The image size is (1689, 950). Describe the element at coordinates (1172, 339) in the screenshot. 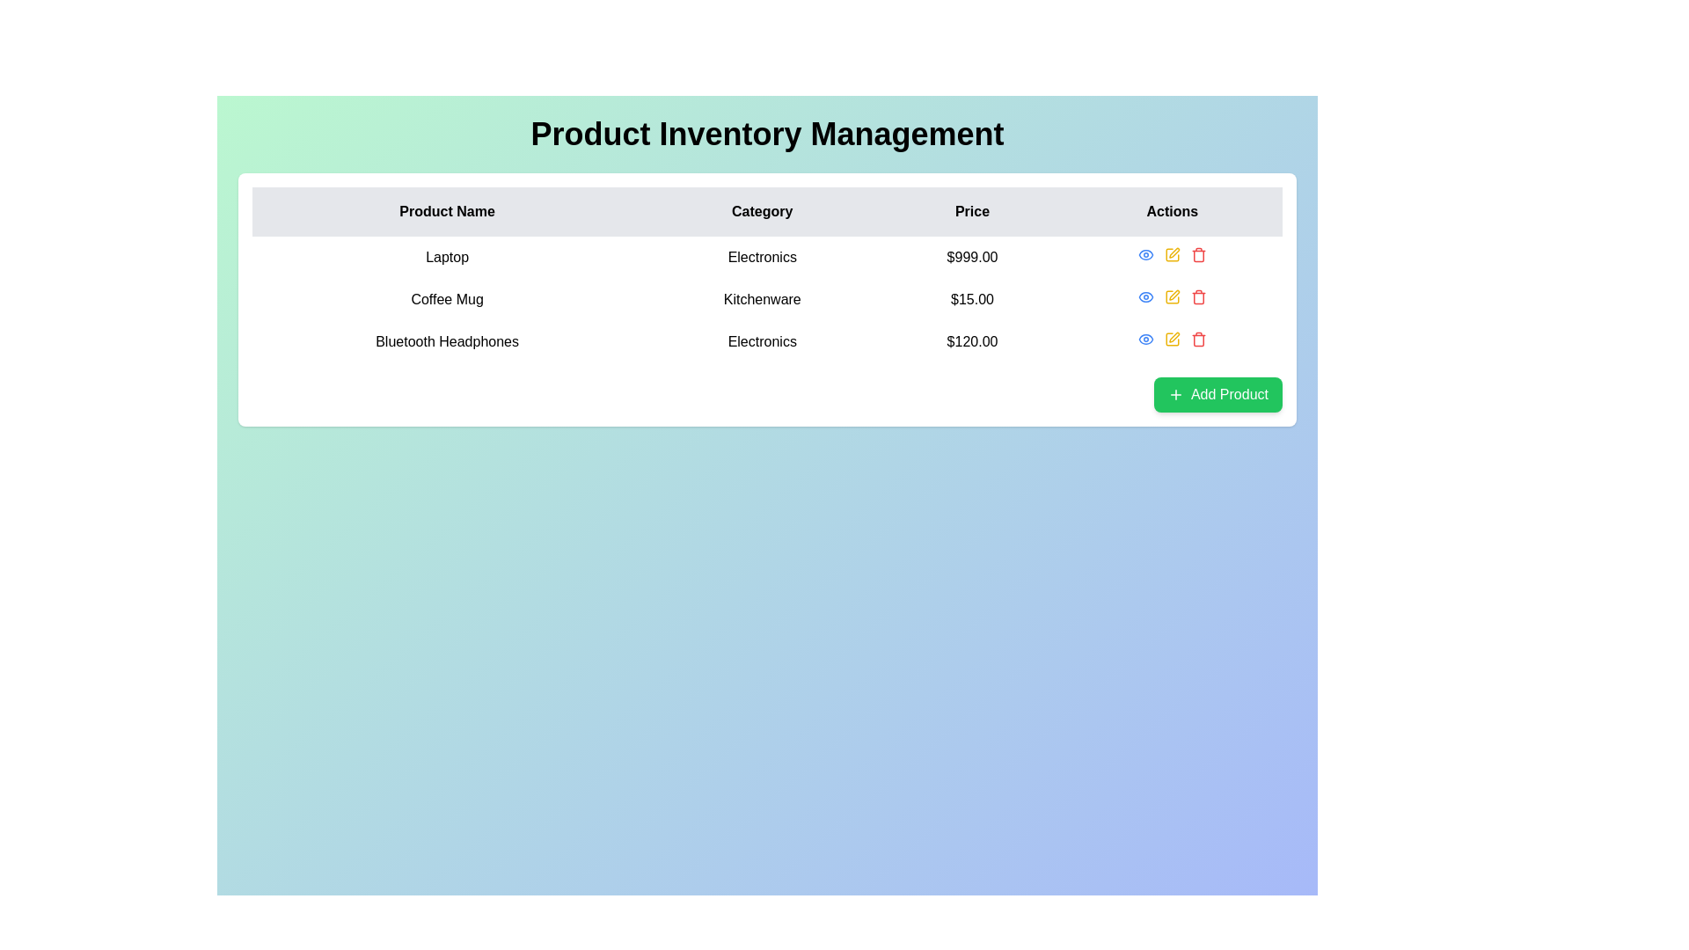

I see `the yellow square icon with a pen overlay in the 'Actions' column of the table, specifically in the third row for 'Bluetooth Headphones', to initiate editing of the corresponding item` at that location.